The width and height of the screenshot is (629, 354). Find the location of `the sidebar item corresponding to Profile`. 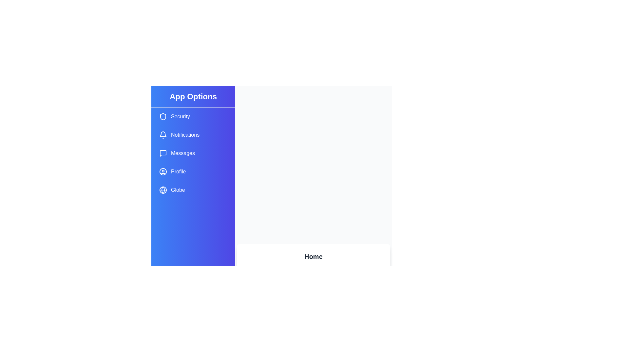

the sidebar item corresponding to Profile is located at coordinates (193, 171).